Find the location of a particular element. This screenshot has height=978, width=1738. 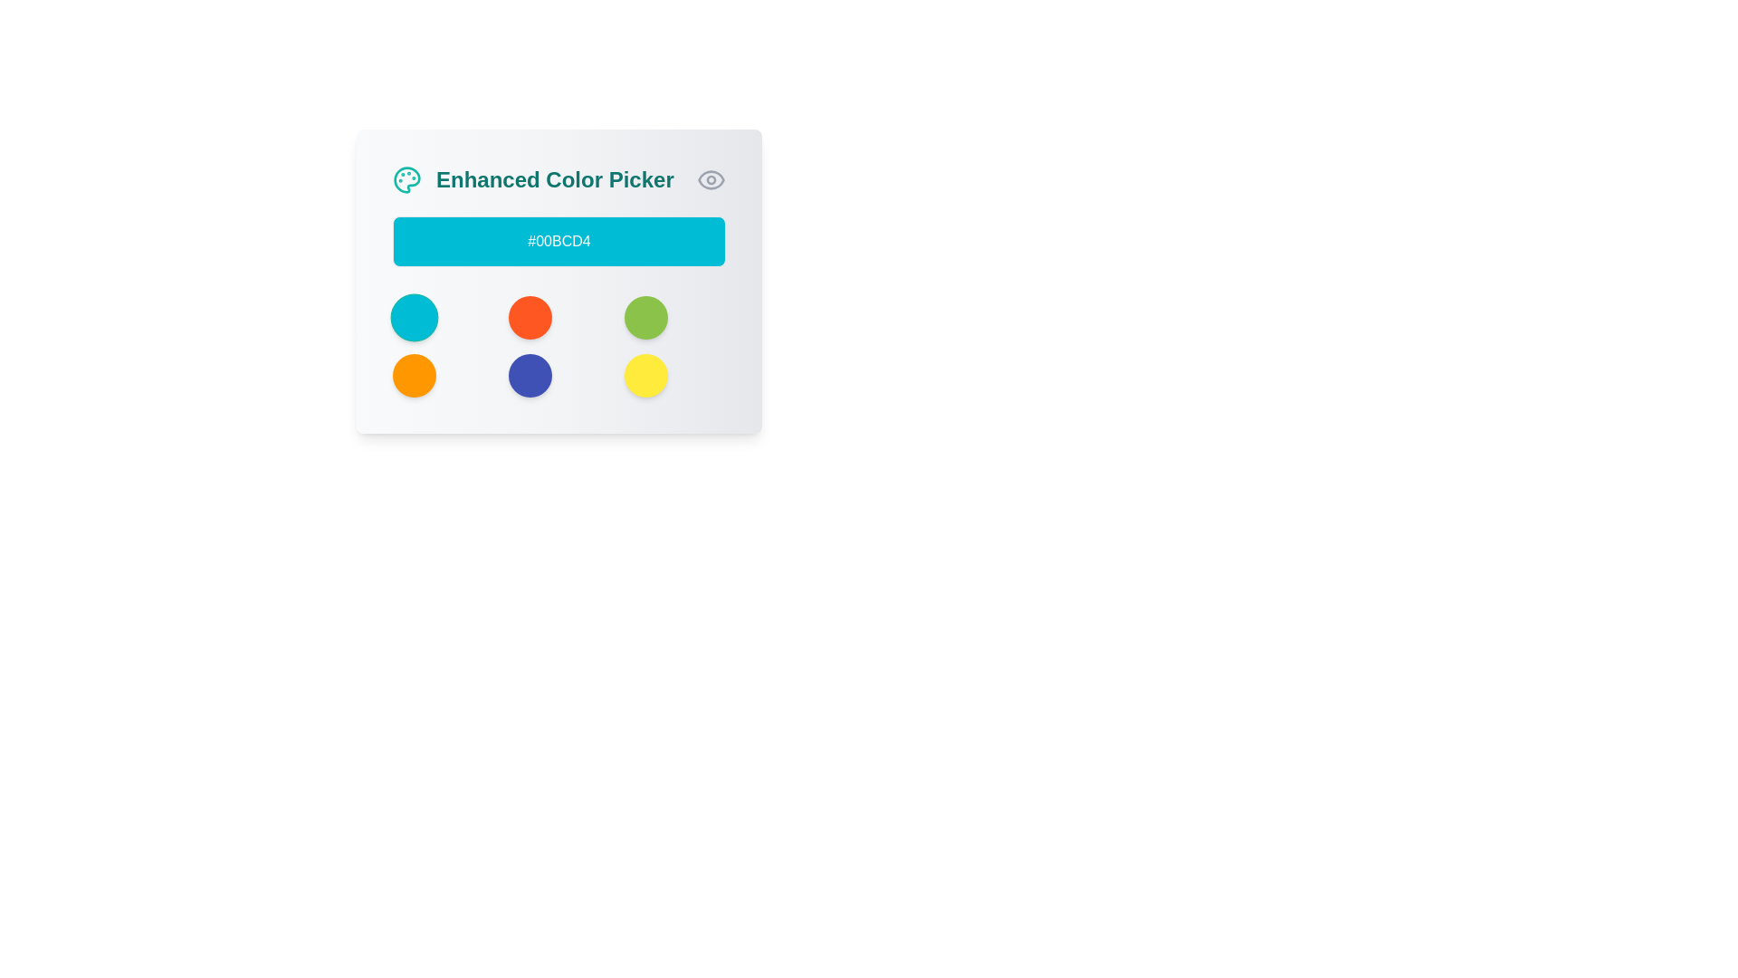

the green circular button located in the grid layout, which is the third button in the top row is located at coordinates (646, 317).